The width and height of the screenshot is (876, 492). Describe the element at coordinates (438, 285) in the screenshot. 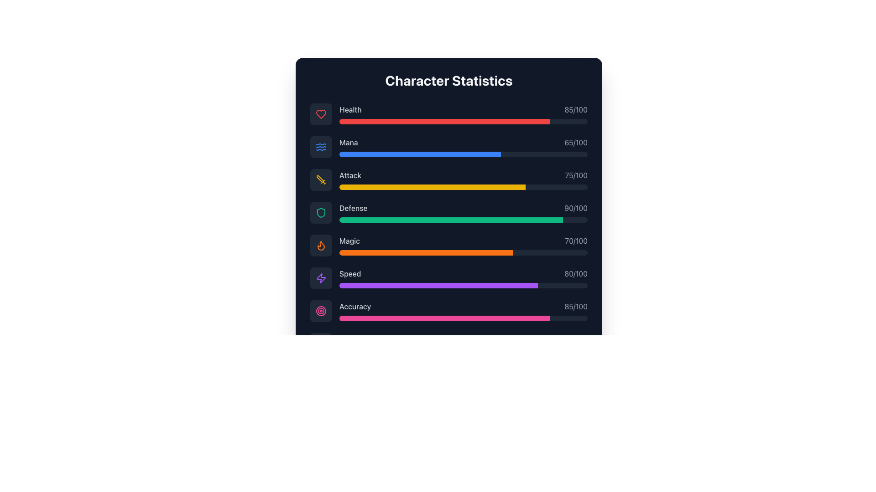

I see `the progress bar indicating the 'Speed' statistic, which is a horizontal purple-filled bar located in the sixth row of character stats` at that location.